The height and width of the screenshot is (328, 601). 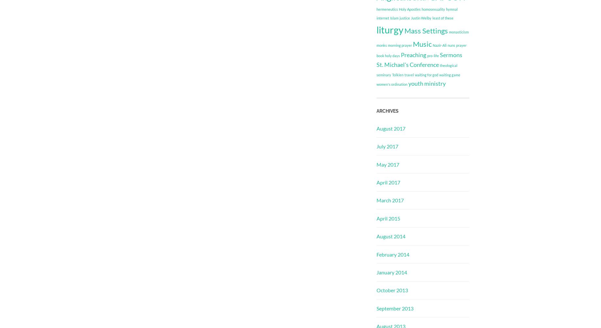 I want to click on 'Preaching', so click(x=413, y=55).